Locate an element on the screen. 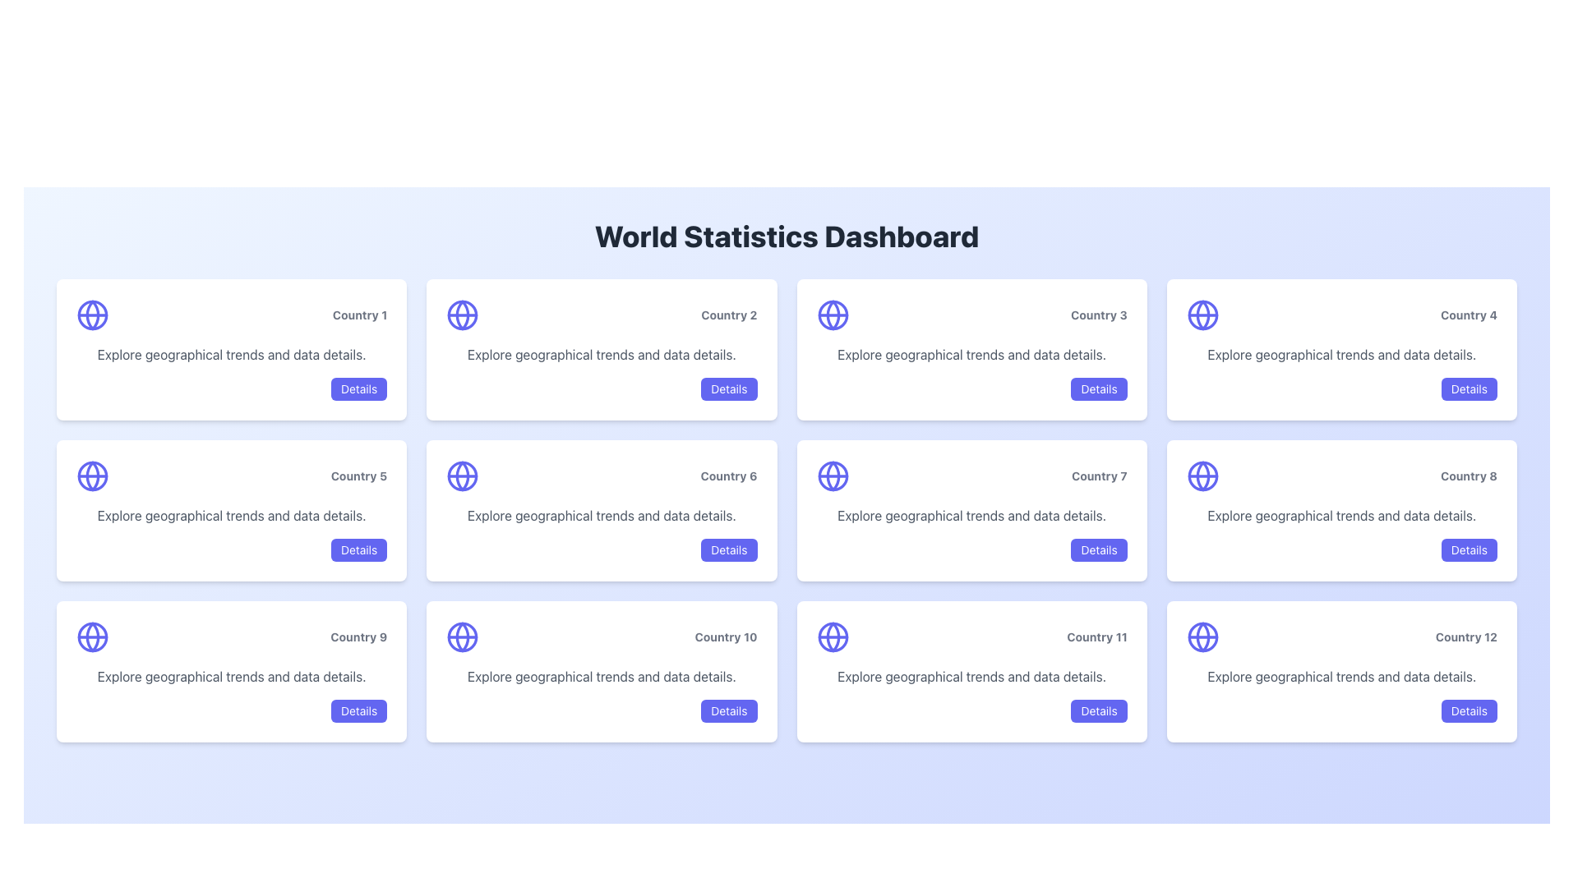  the blue circular icon in the globe-like design within the card labeled 'Country 9' is located at coordinates (92, 636).